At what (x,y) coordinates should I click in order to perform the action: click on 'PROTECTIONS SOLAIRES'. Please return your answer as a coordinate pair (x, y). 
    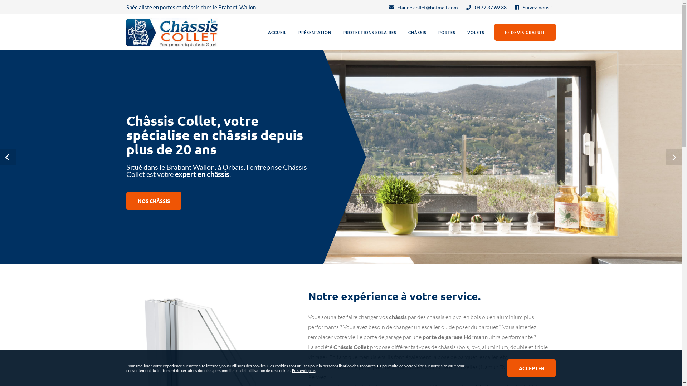
    Looking at the image, I should click on (370, 33).